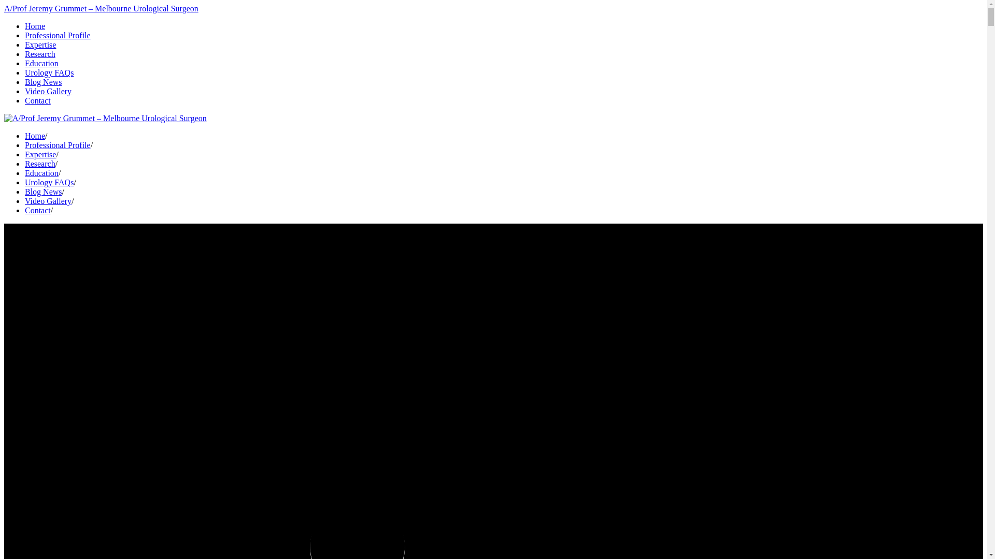 Image resolution: width=995 pixels, height=559 pixels. I want to click on 'Education', so click(25, 63).